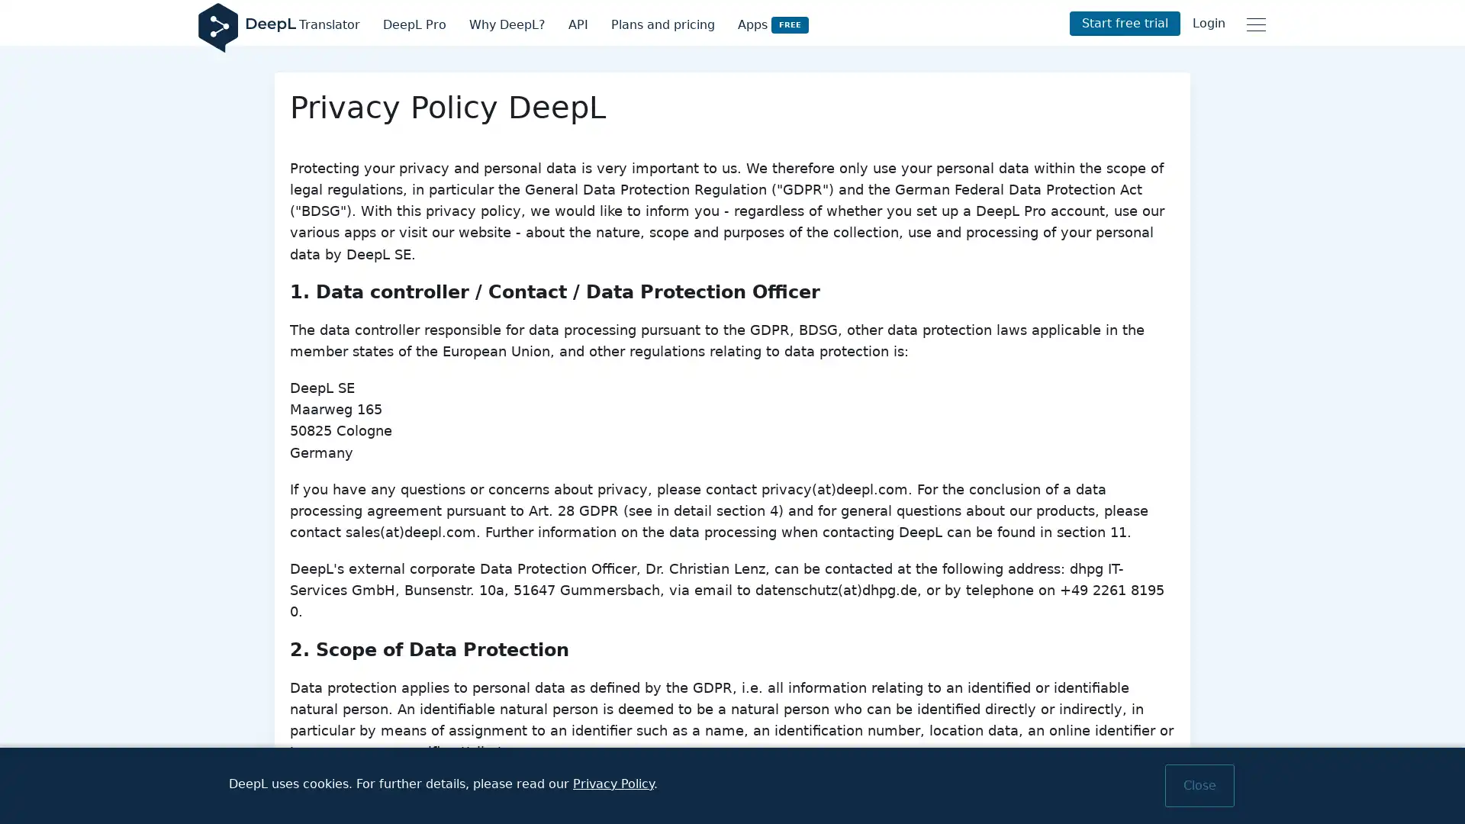 The width and height of the screenshot is (1465, 824). I want to click on Close, so click(1199, 785).